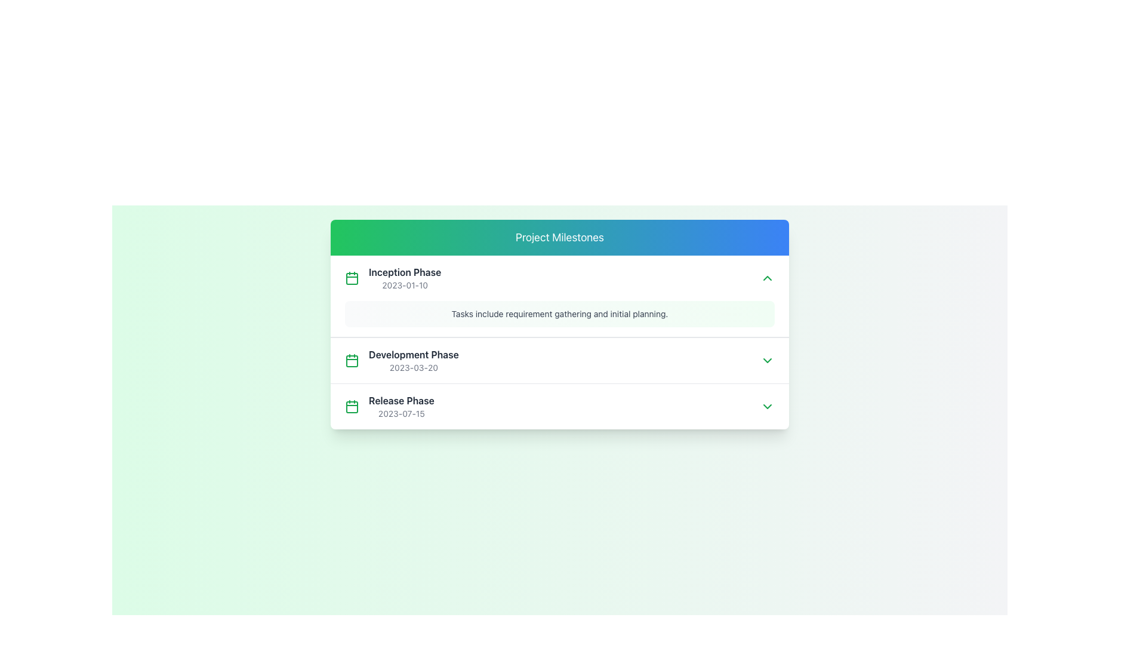 The image size is (1146, 645). Describe the element at coordinates (401, 401) in the screenshot. I see `the text label for the milestone 'Release Phase', which is positioned above the date '2023-07-15' and next to a green calendar icon` at that location.